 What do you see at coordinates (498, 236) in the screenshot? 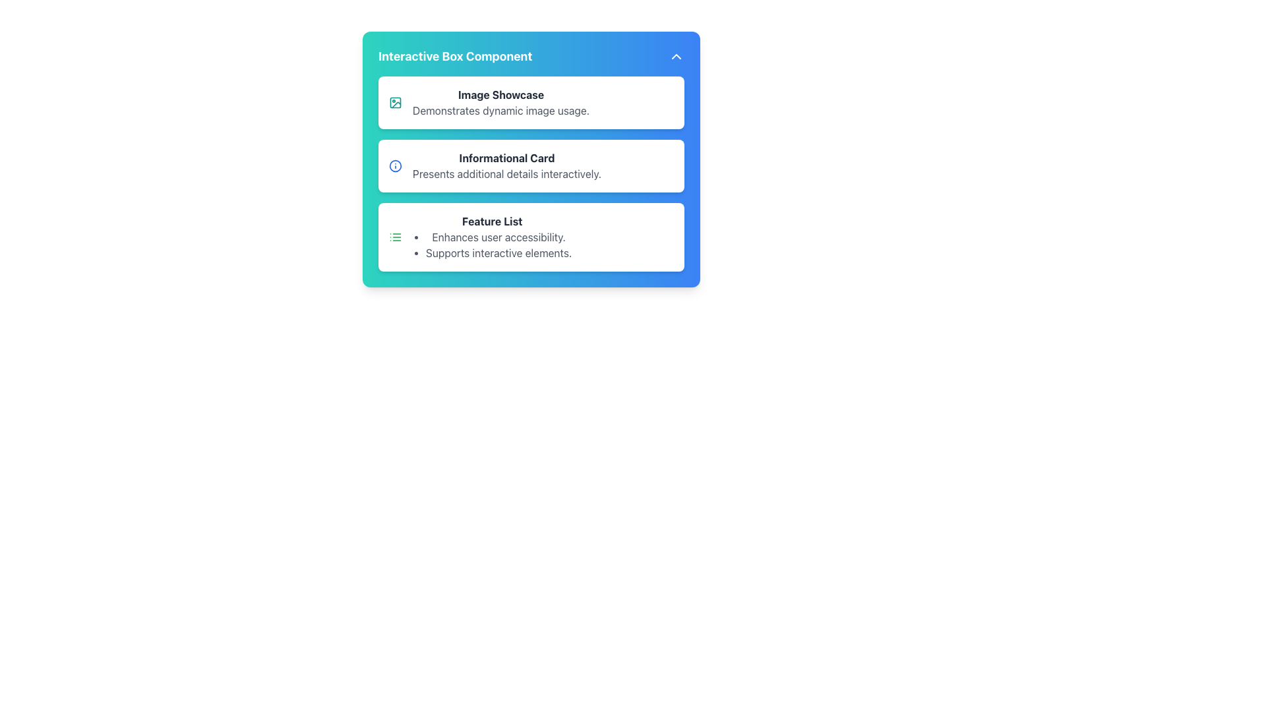
I see `the text element that reads 'Enhances user accessibility.' which is the first item in the bulleted list under the 'Feature List' section` at bounding box center [498, 236].